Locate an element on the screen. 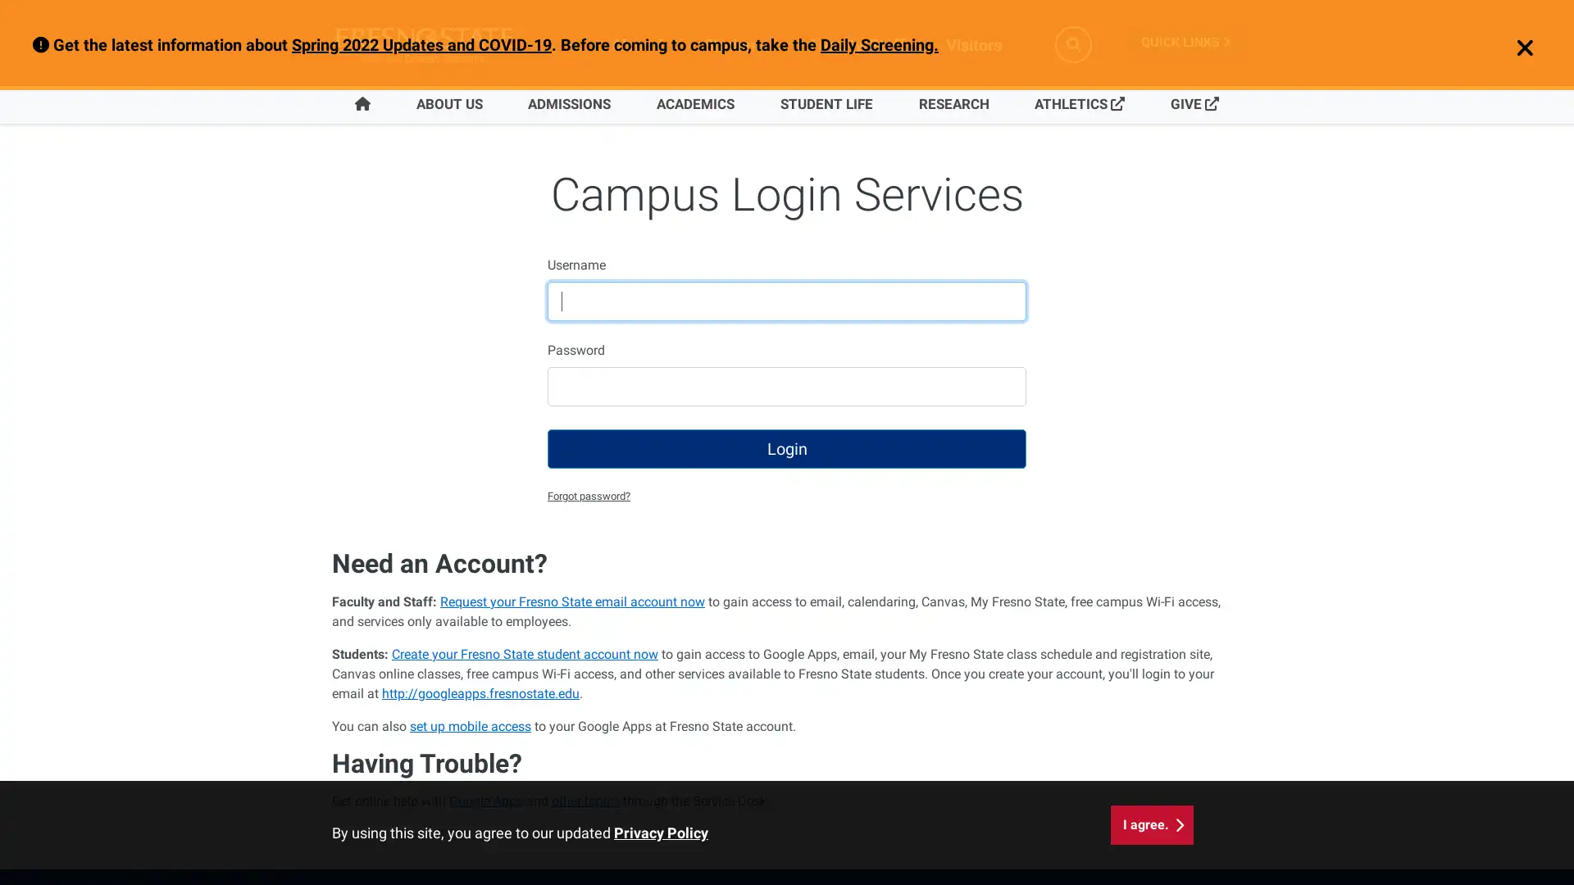  Search is located at coordinates (1073, 43).